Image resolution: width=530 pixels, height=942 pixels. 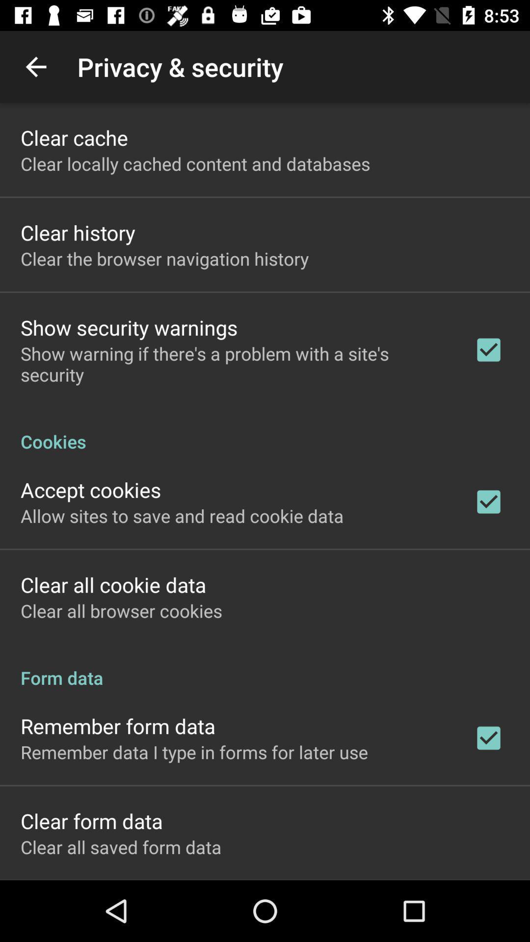 I want to click on icon below accept cookies item, so click(x=182, y=515).